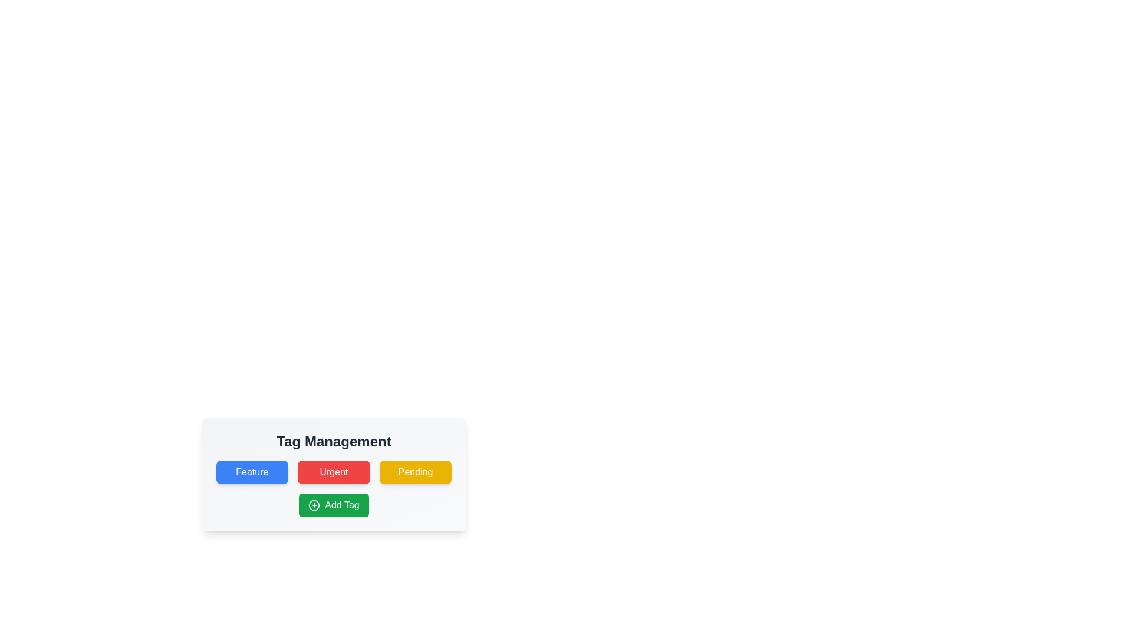 Image resolution: width=1132 pixels, height=637 pixels. What do you see at coordinates (251, 472) in the screenshot?
I see `the tag labeled Feature to observe its hover effect` at bounding box center [251, 472].